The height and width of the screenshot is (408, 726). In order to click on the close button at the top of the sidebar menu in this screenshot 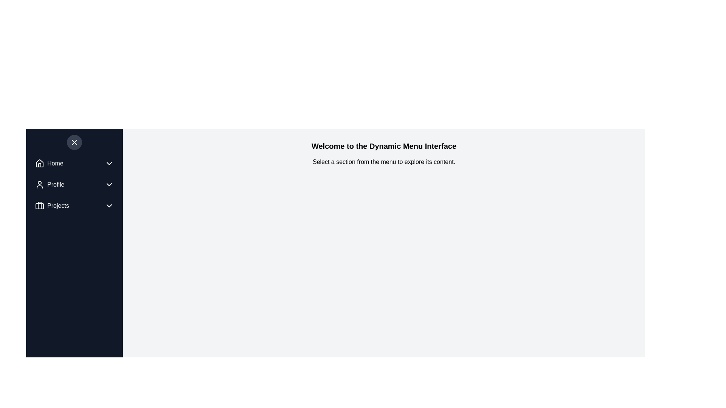, I will do `click(74, 142)`.